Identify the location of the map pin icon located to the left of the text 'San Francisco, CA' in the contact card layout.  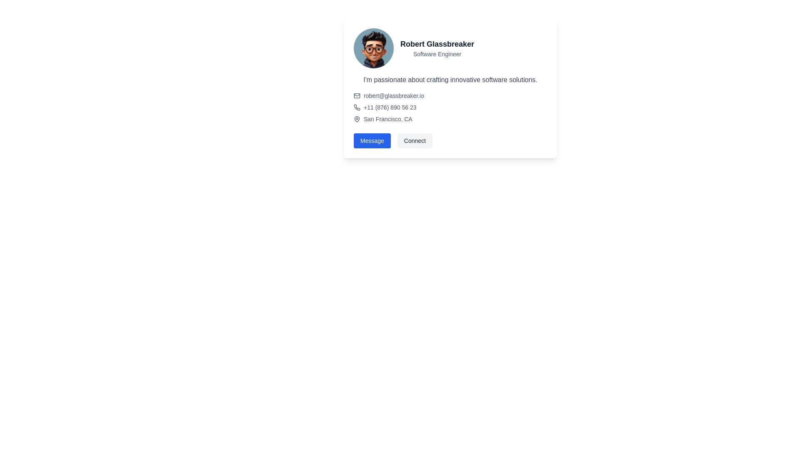
(357, 119).